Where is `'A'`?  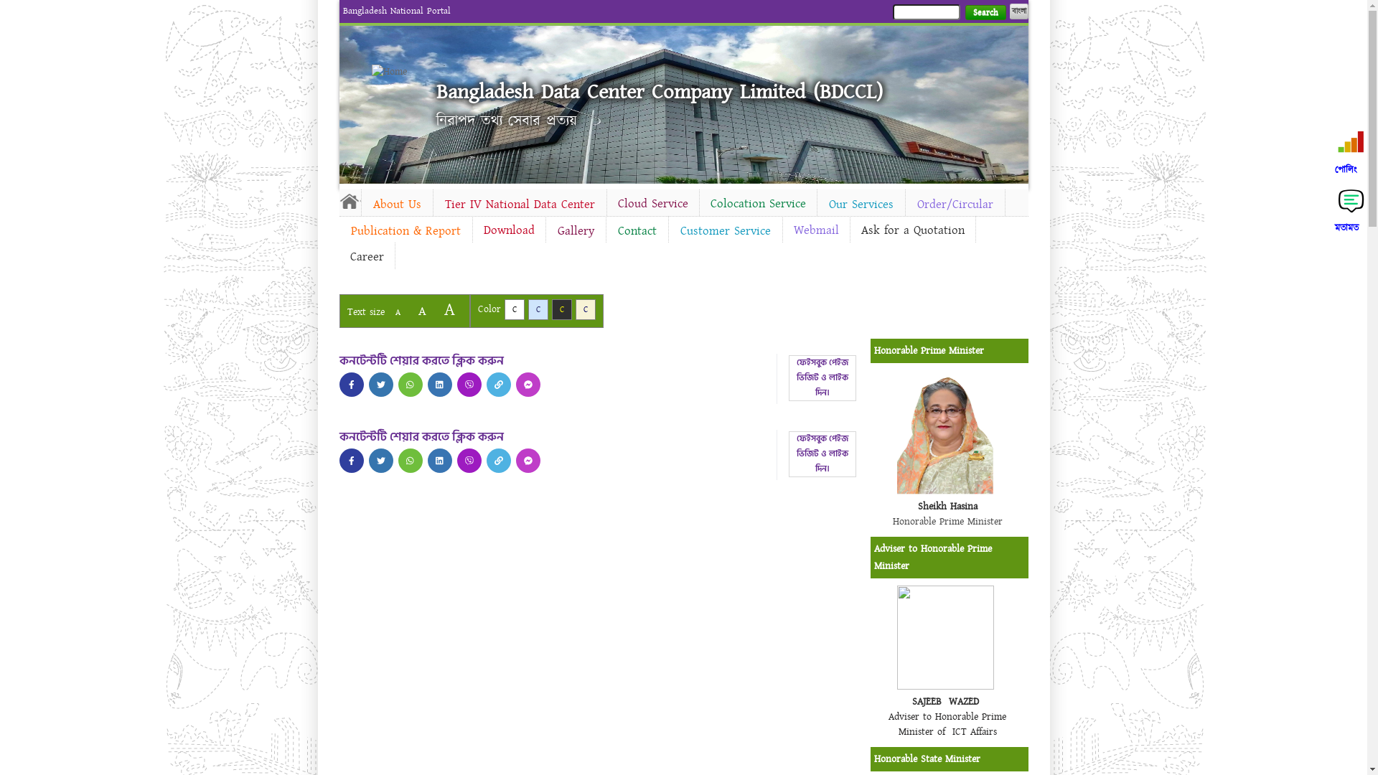
'A' is located at coordinates (421, 310).